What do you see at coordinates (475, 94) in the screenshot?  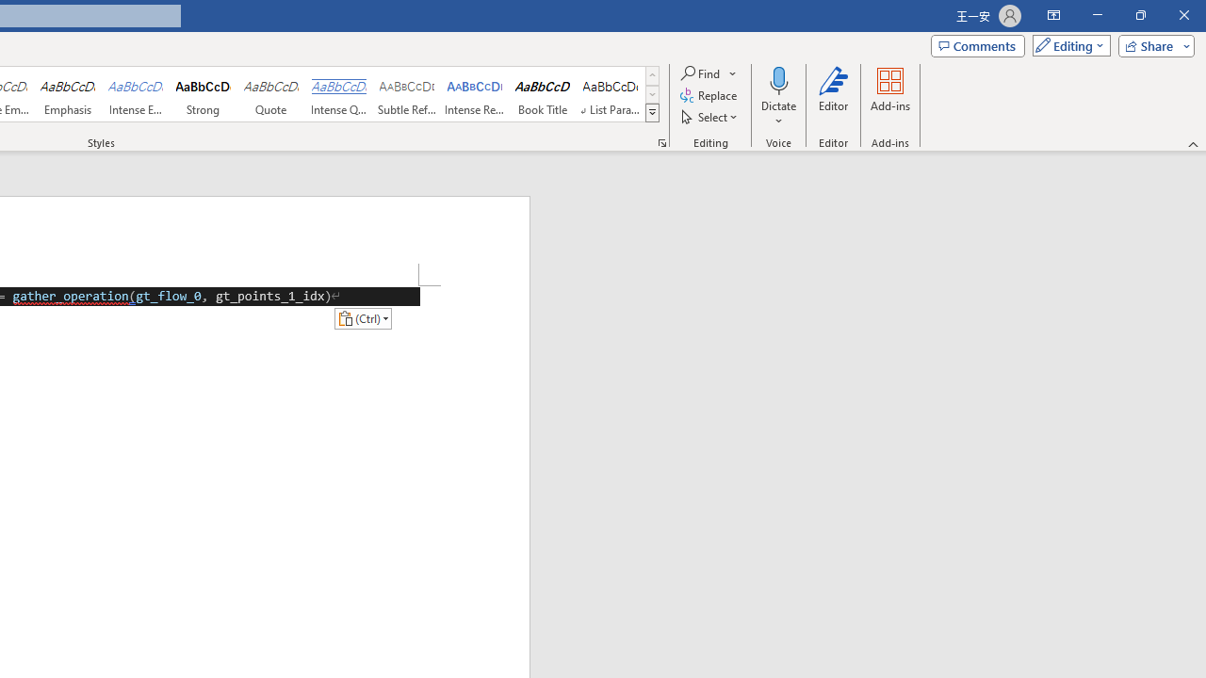 I see `'Intense Reference'` at bounding box center [475, 94].